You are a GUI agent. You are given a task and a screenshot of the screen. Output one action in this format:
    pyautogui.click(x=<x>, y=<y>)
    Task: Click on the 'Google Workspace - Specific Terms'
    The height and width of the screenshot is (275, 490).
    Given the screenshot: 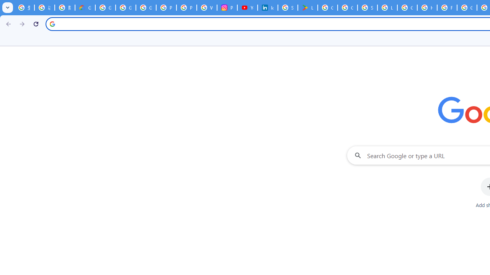 What is the action you would take?
    pyautogui.click(x=347, y=8)
    